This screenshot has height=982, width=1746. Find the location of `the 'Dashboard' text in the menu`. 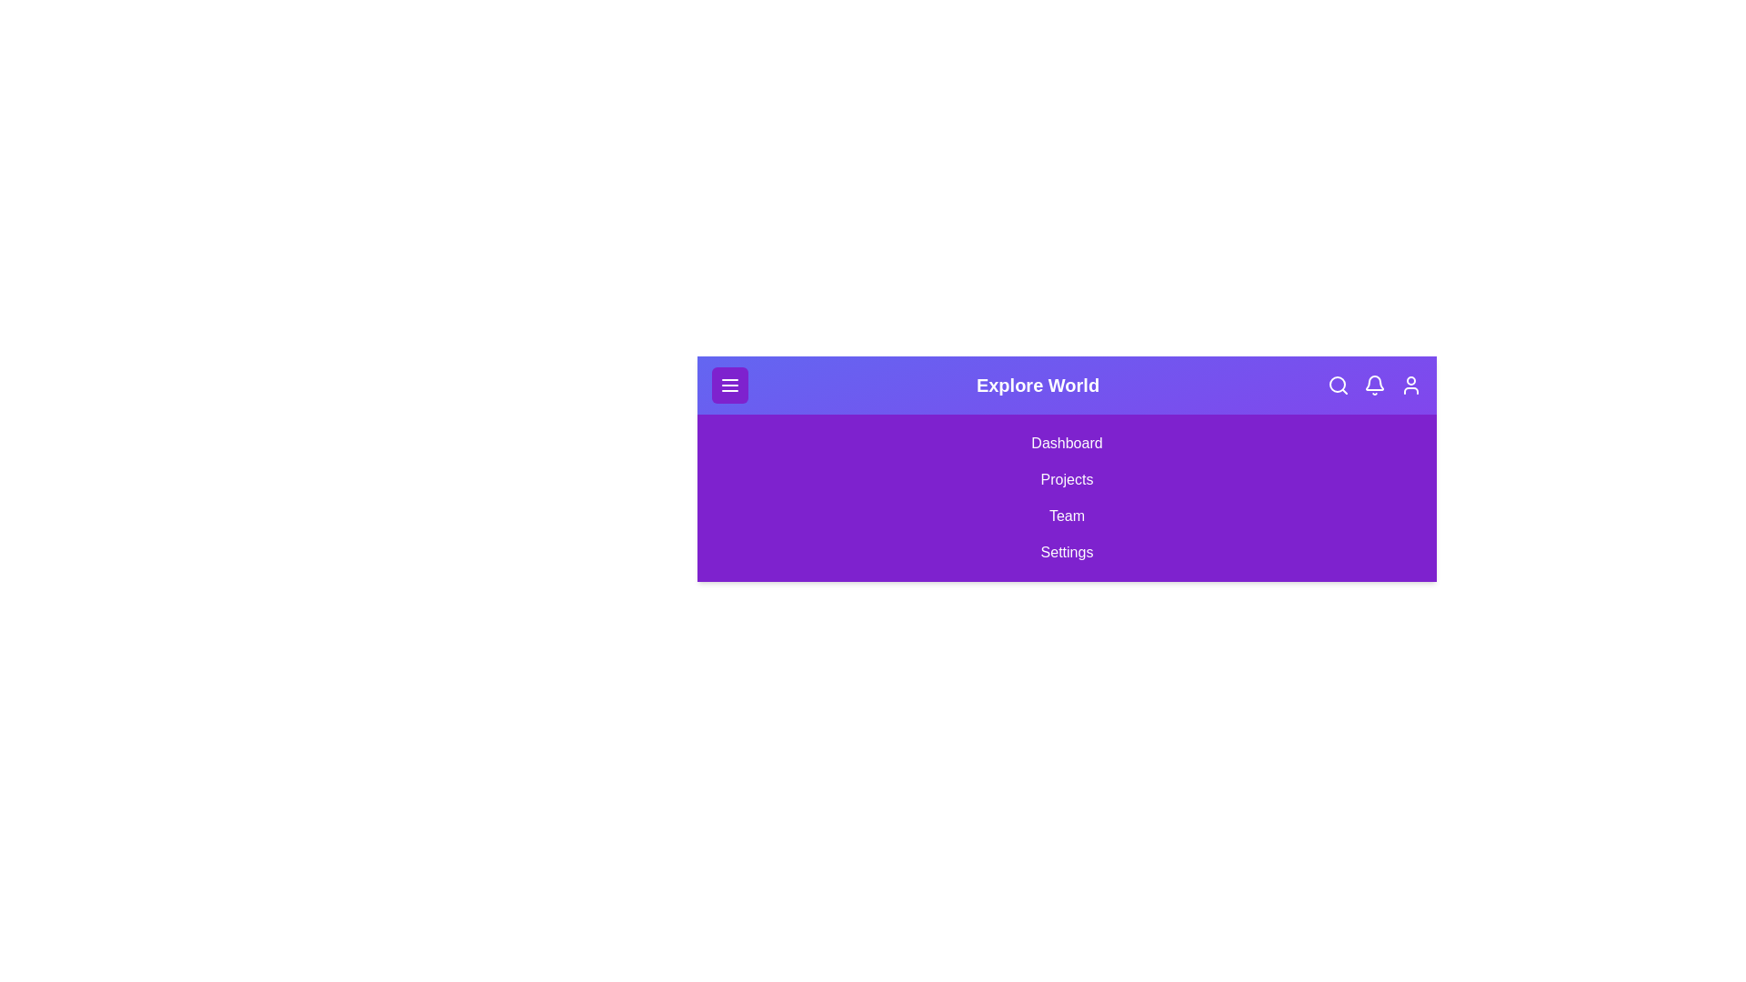

the 'Dashboard' text in the menu is located at coordinates (1067, 444).